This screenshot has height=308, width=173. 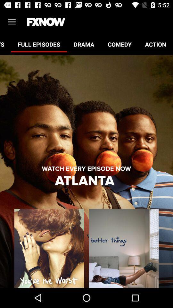 What do you see at coordinates (119, 44) in the screenshot?
I see `the icon to the right of the drama` at bounding box center [119, 44].